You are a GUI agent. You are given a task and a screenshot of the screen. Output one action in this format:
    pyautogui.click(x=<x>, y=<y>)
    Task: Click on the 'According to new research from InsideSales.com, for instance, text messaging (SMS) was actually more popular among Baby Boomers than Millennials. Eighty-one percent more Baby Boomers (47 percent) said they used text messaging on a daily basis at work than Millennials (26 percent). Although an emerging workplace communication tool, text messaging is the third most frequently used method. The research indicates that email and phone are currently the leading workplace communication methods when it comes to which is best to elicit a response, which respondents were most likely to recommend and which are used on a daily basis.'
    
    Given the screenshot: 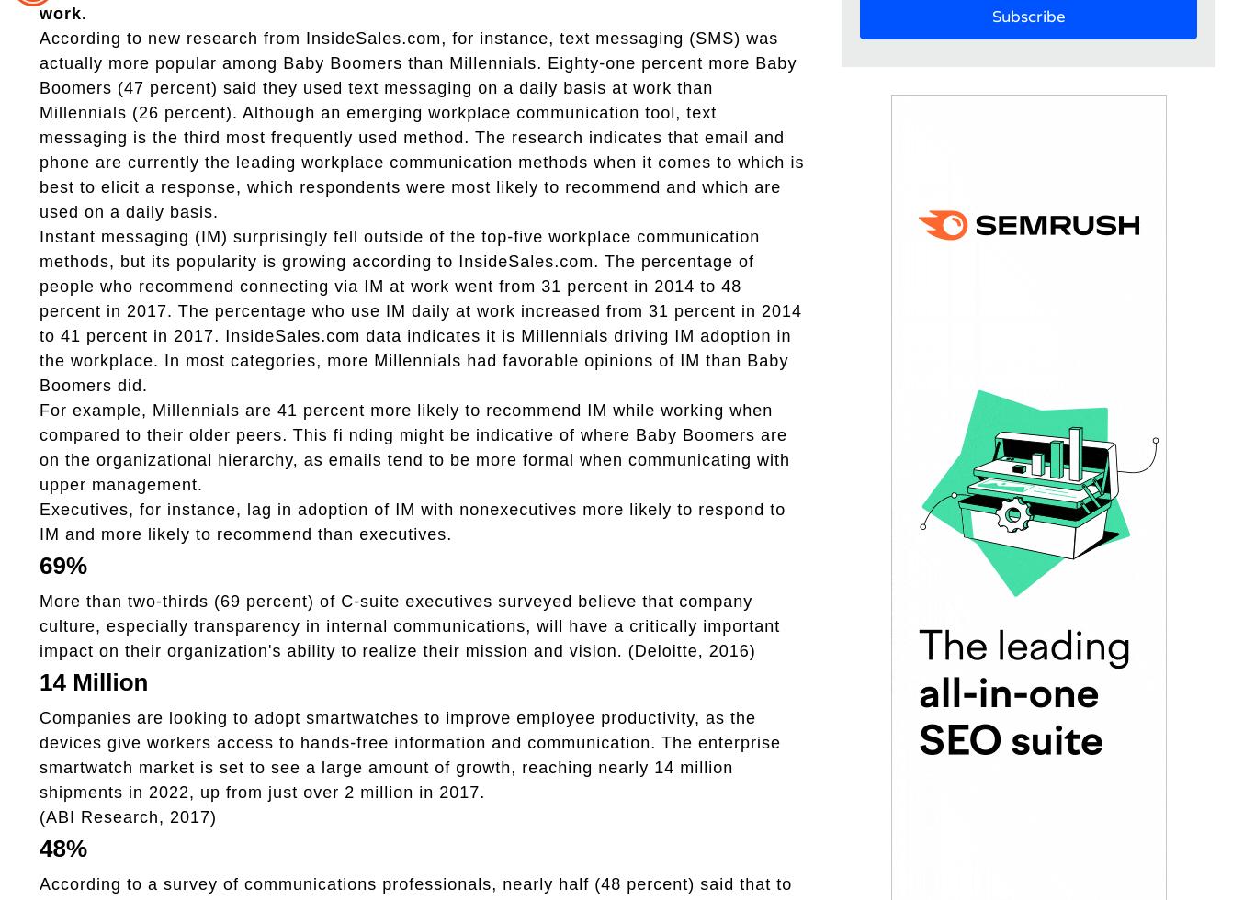 What is the action you would take?
    pyautogui.click(x=421, y=124)
    